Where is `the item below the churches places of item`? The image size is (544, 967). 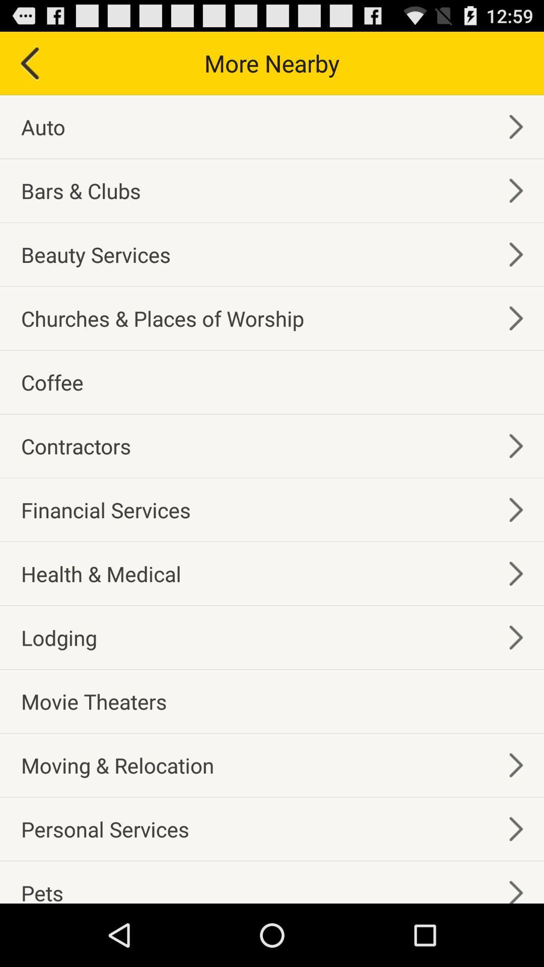 the item below the churches places of item is located at coordinates (52, 381).